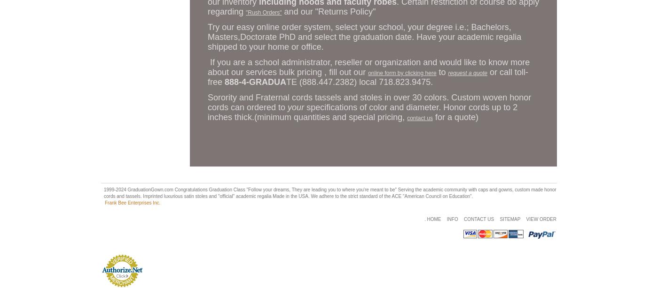  I want to click on 'or call toll-free', so click(368, 76).